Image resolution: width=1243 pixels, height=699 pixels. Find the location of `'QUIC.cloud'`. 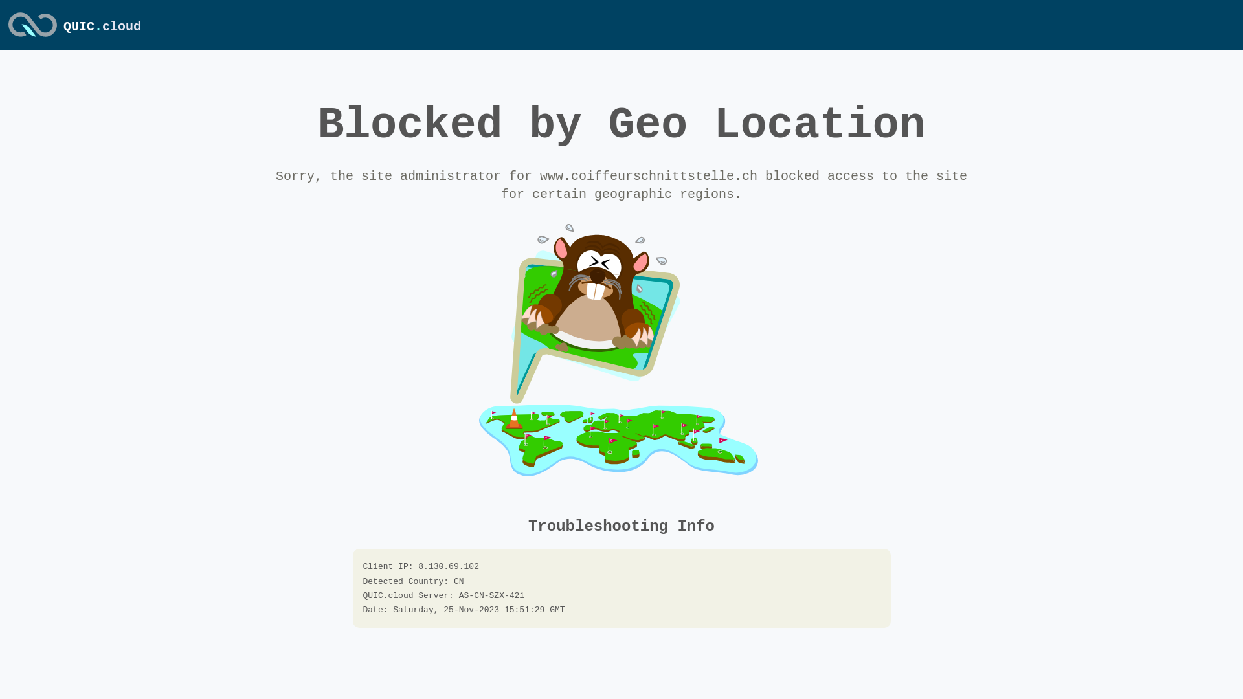

'QUIC.cloud' is located at coordinates (102, 27).